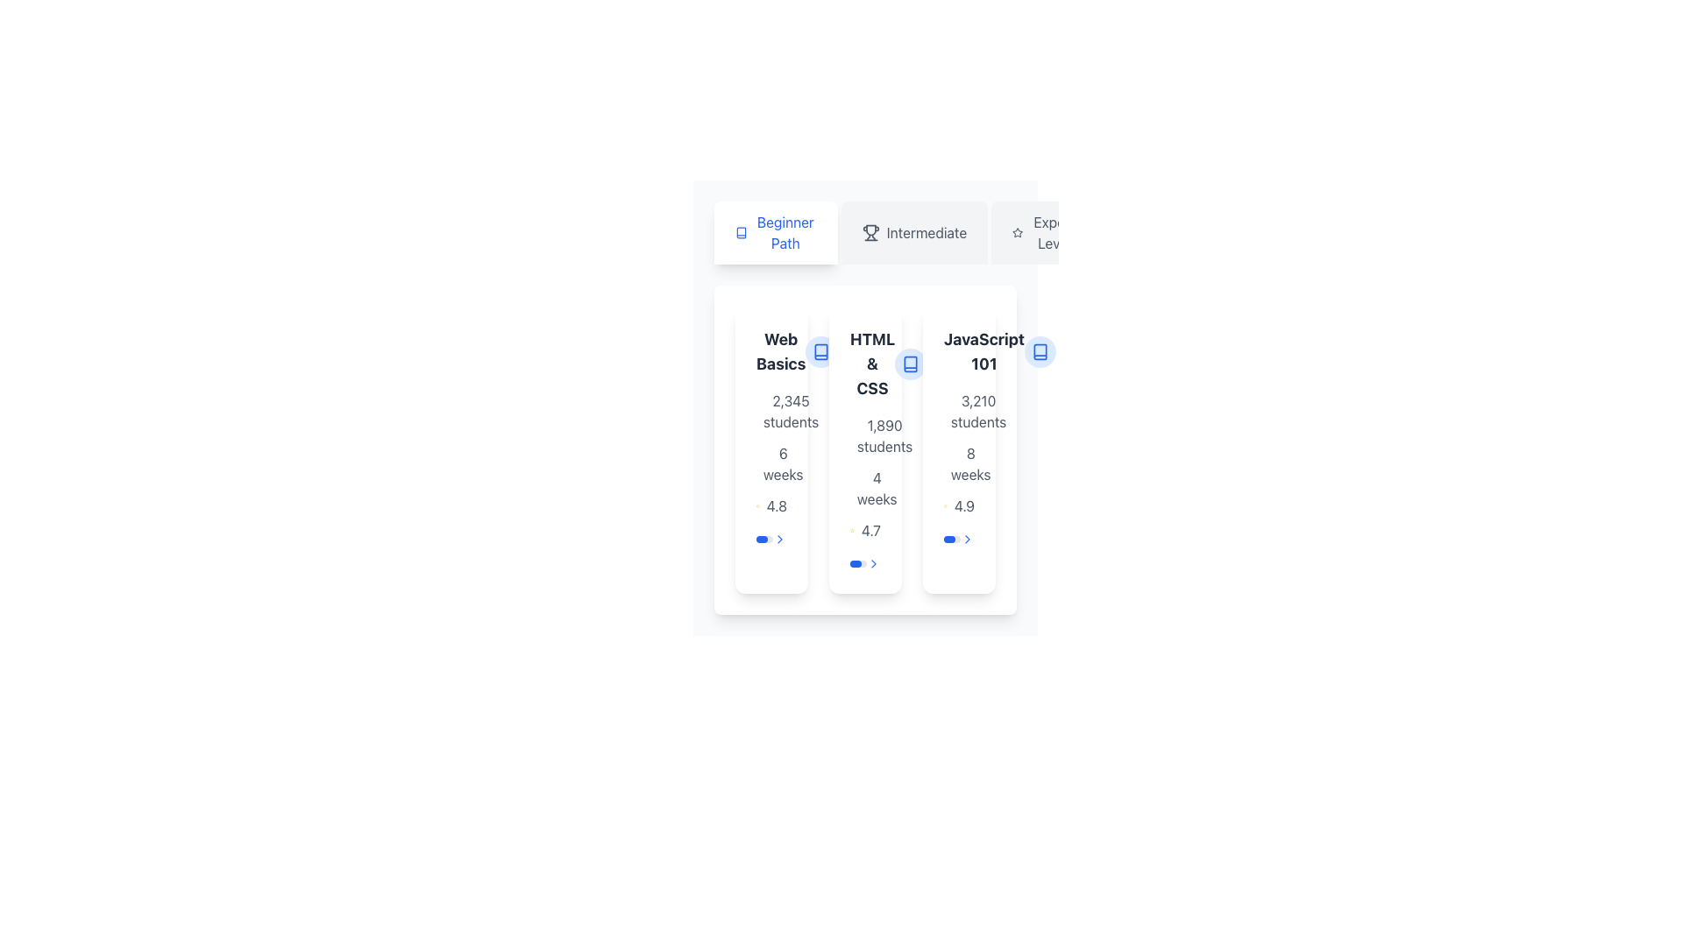  I want to click on the content of the Rating display element located below the '4 weeks' text and above the toggle switch in the central card of a three-card layout, so click(865, 529).